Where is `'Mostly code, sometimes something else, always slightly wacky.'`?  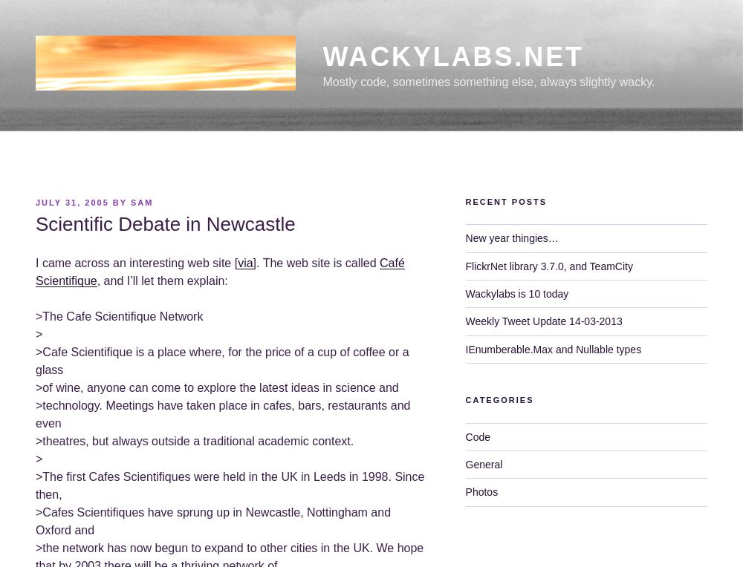
'Mostly code, sometimes something else, always slightly wacky.' is located at coordinates (488, 80).